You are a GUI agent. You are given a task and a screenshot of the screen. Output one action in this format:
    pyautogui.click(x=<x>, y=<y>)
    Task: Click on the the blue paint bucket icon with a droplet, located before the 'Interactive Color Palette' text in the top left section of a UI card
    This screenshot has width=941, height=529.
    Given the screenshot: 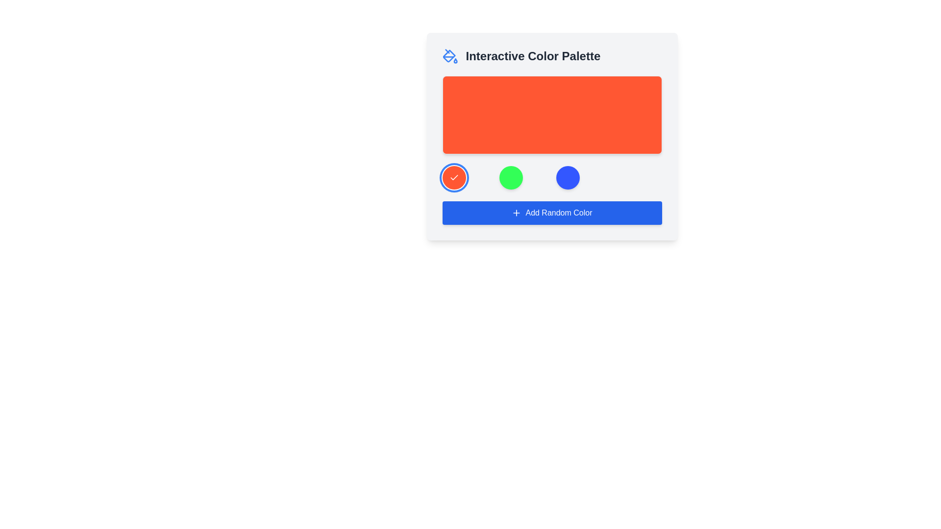 What is the action you would take?
    pyautogui.click(x=449, y=56)
    